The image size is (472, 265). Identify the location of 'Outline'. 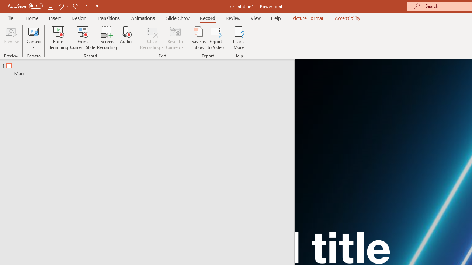
(150, 68).